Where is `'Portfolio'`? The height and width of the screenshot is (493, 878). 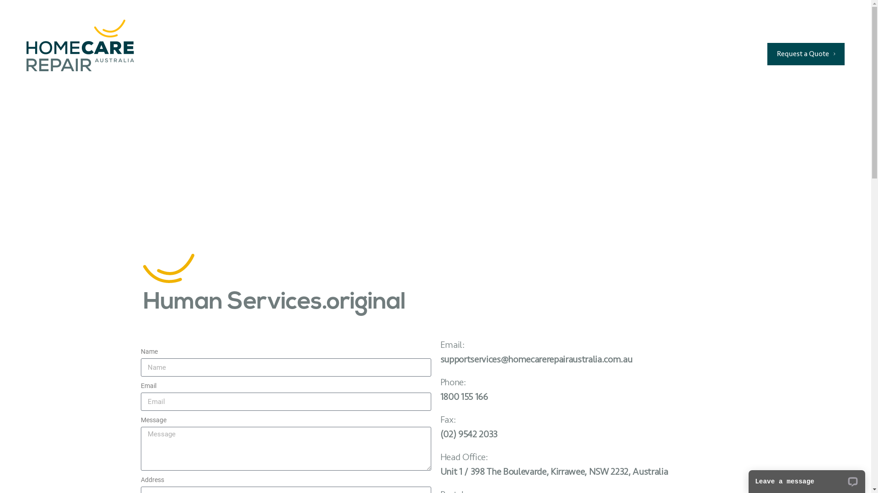 'Portfolio' is located at coordinates (493, 53).